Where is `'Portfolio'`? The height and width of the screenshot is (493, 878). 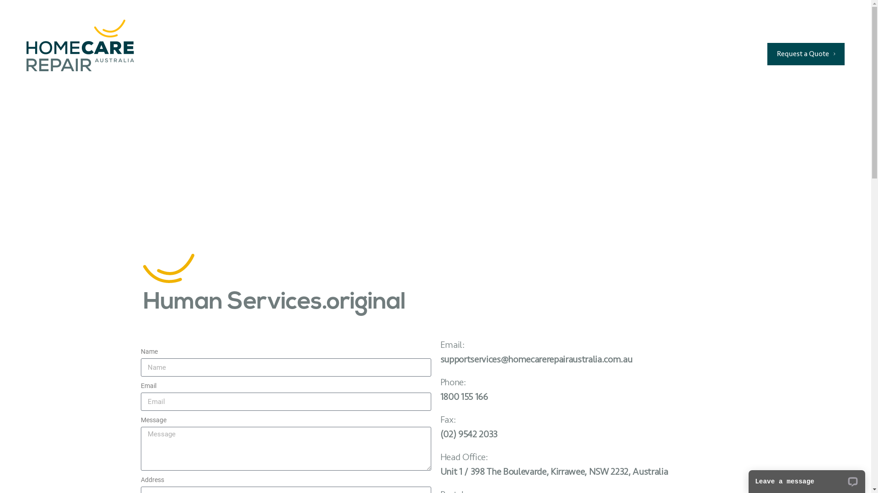 'Portfolio' is located at coordinates (493, 53).